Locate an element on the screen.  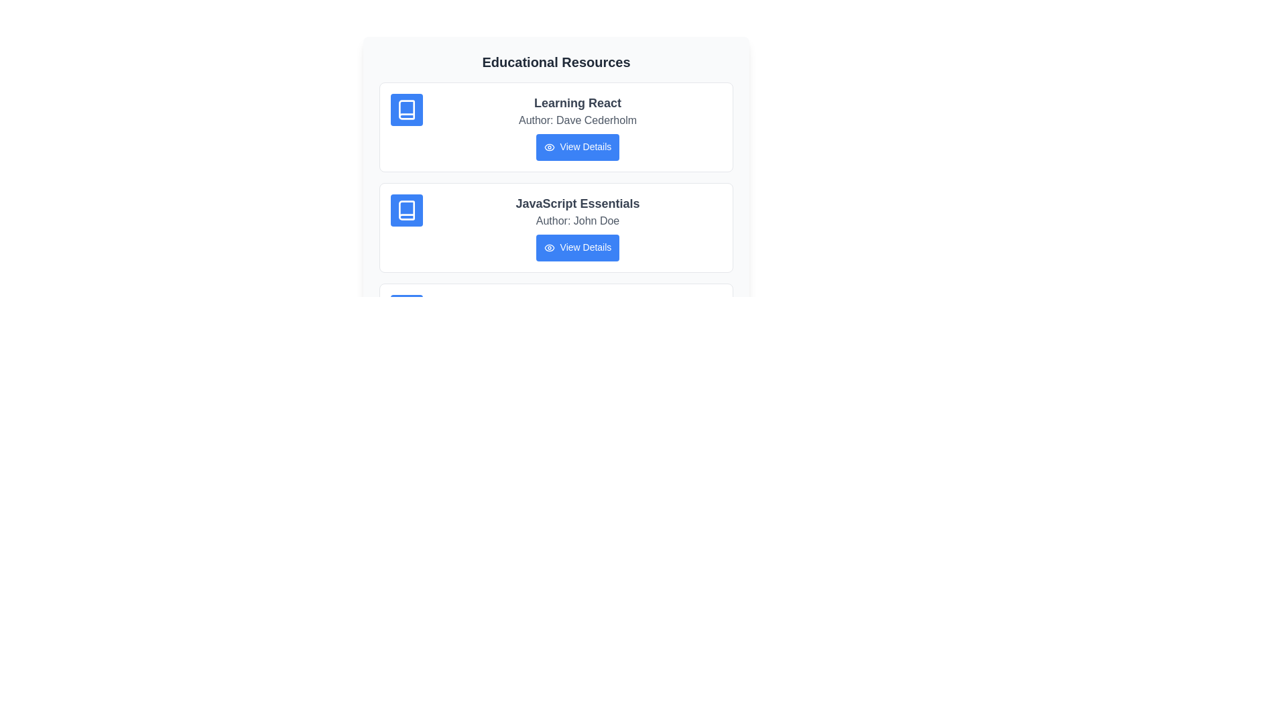
the icon associated with the resource JavaScript Essentials is located at coordinates (406, 210).